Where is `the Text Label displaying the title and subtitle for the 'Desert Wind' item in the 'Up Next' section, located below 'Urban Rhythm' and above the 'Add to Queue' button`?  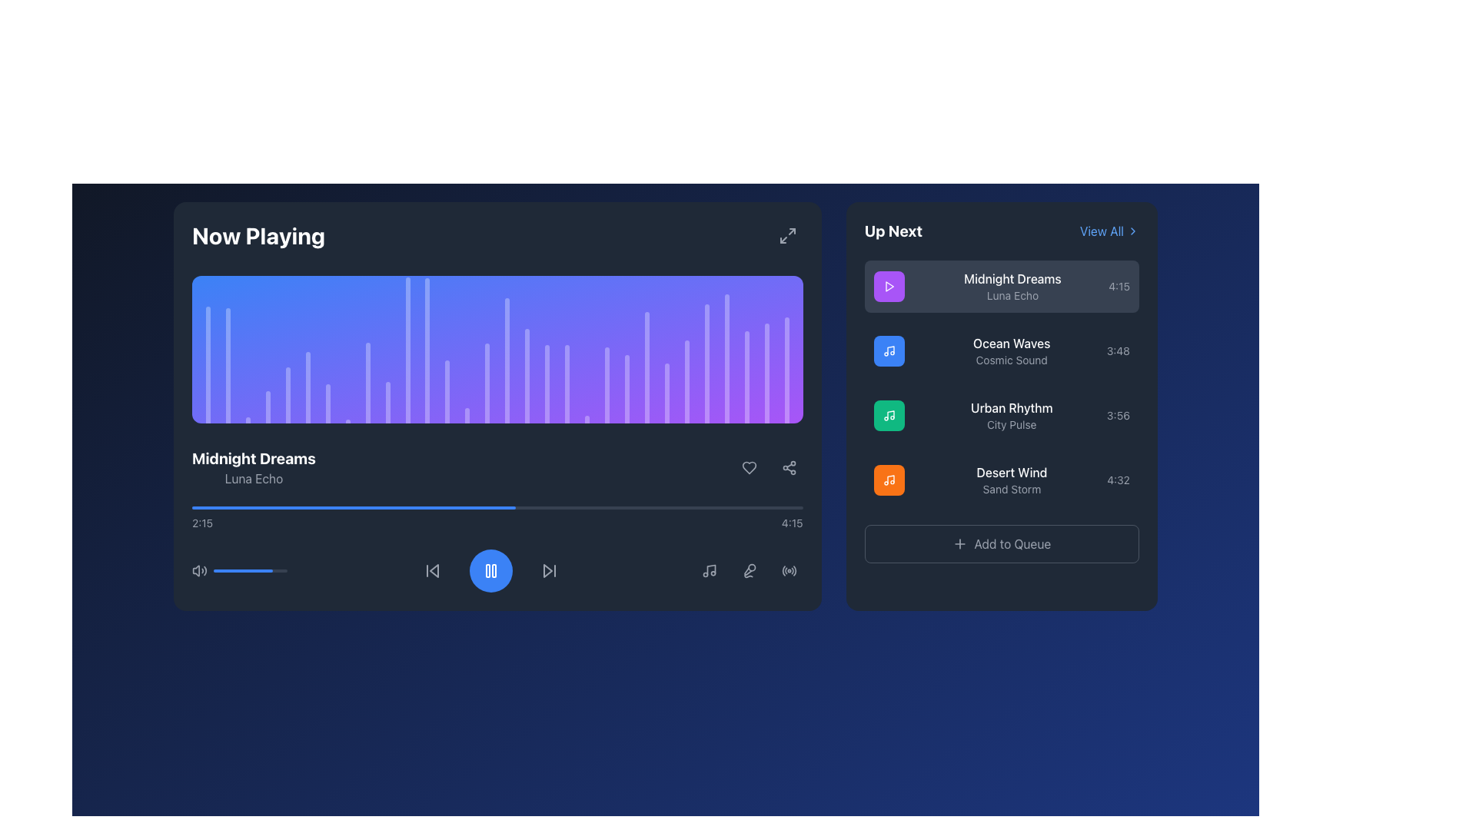
the Text Label displaying the title and subtitle for the 'Desert Wind' item in the 'Up Next' section, located below 'Urban Rhythm' and above the 'Add to Queue' button is located at coordinates (1012, 479).